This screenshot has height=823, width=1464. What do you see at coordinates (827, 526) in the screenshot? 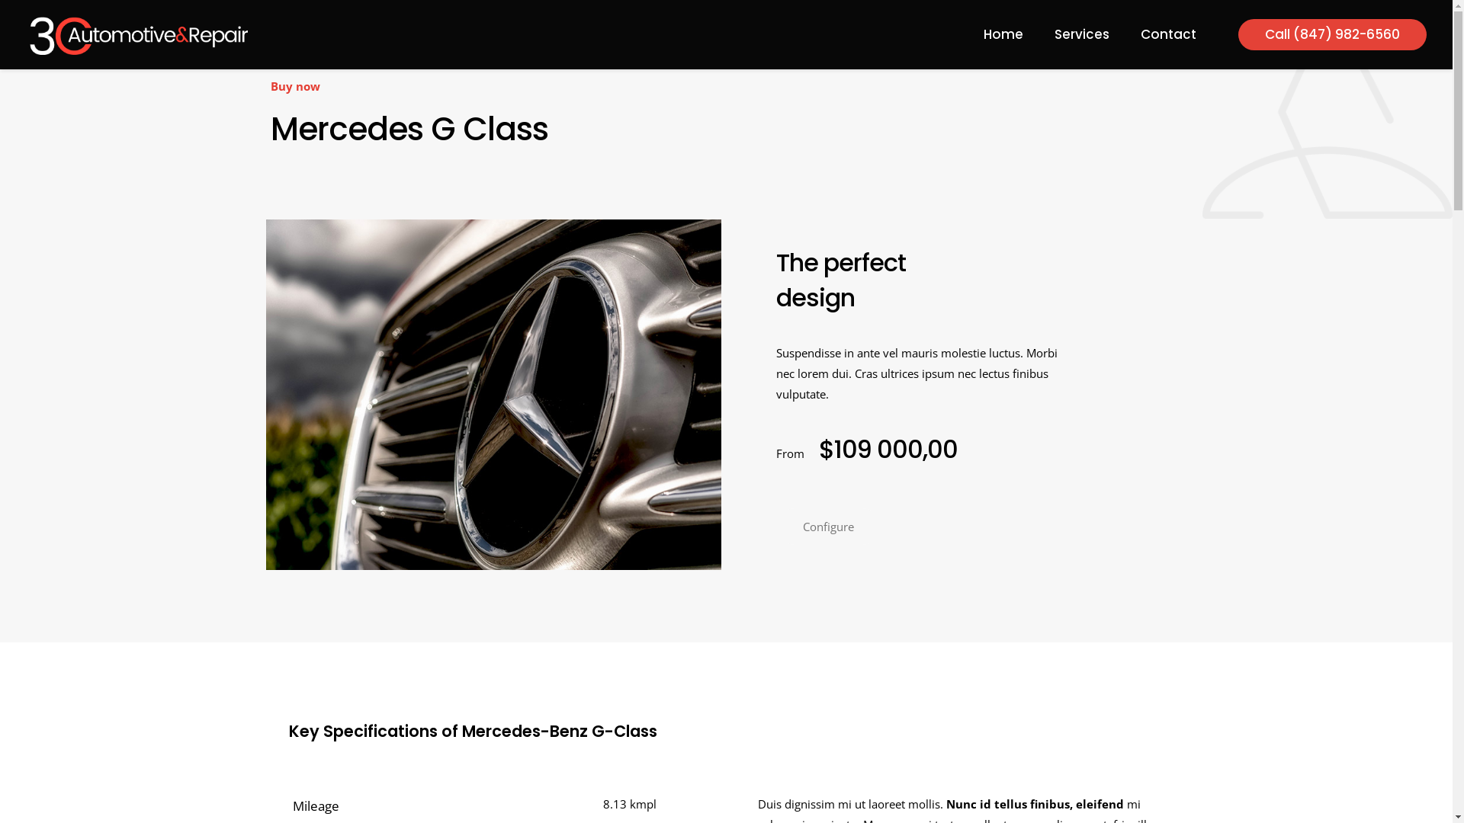
I see `'Configure'` at bounding box center [827, 526].